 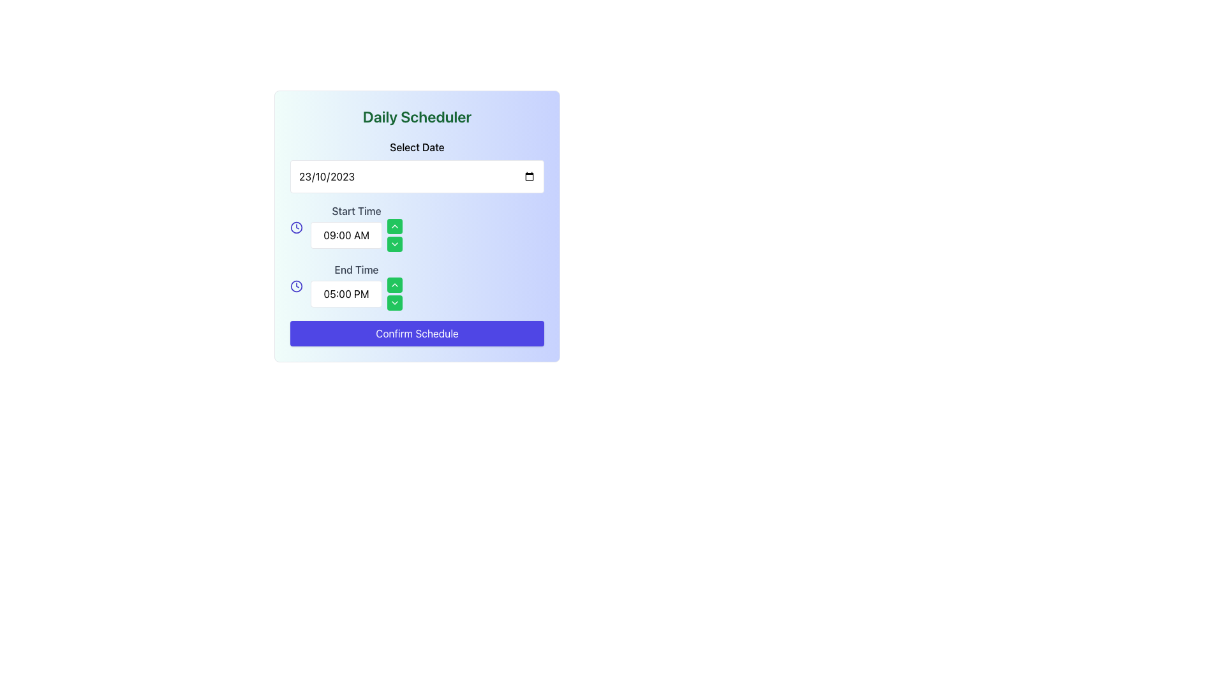 I want to click on the text input field labeled 'Start Time' to focus on it, so click(x=346, y=235).